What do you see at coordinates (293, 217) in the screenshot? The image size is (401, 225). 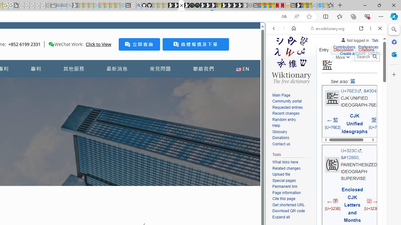 I see `'Expand all'` at bounding box center [293, 217].